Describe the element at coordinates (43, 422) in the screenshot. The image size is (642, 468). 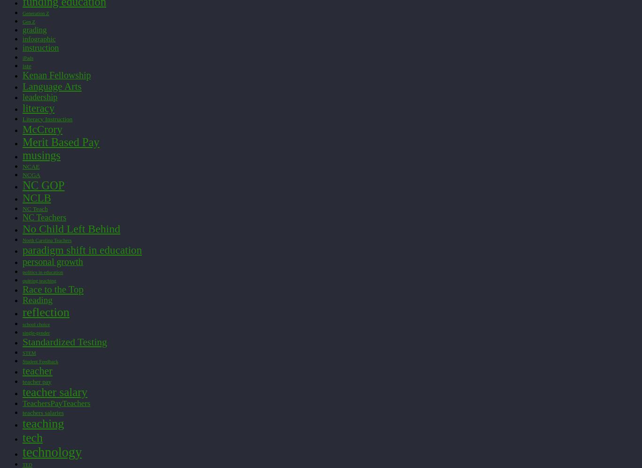
I see `'teaching'` at that location.